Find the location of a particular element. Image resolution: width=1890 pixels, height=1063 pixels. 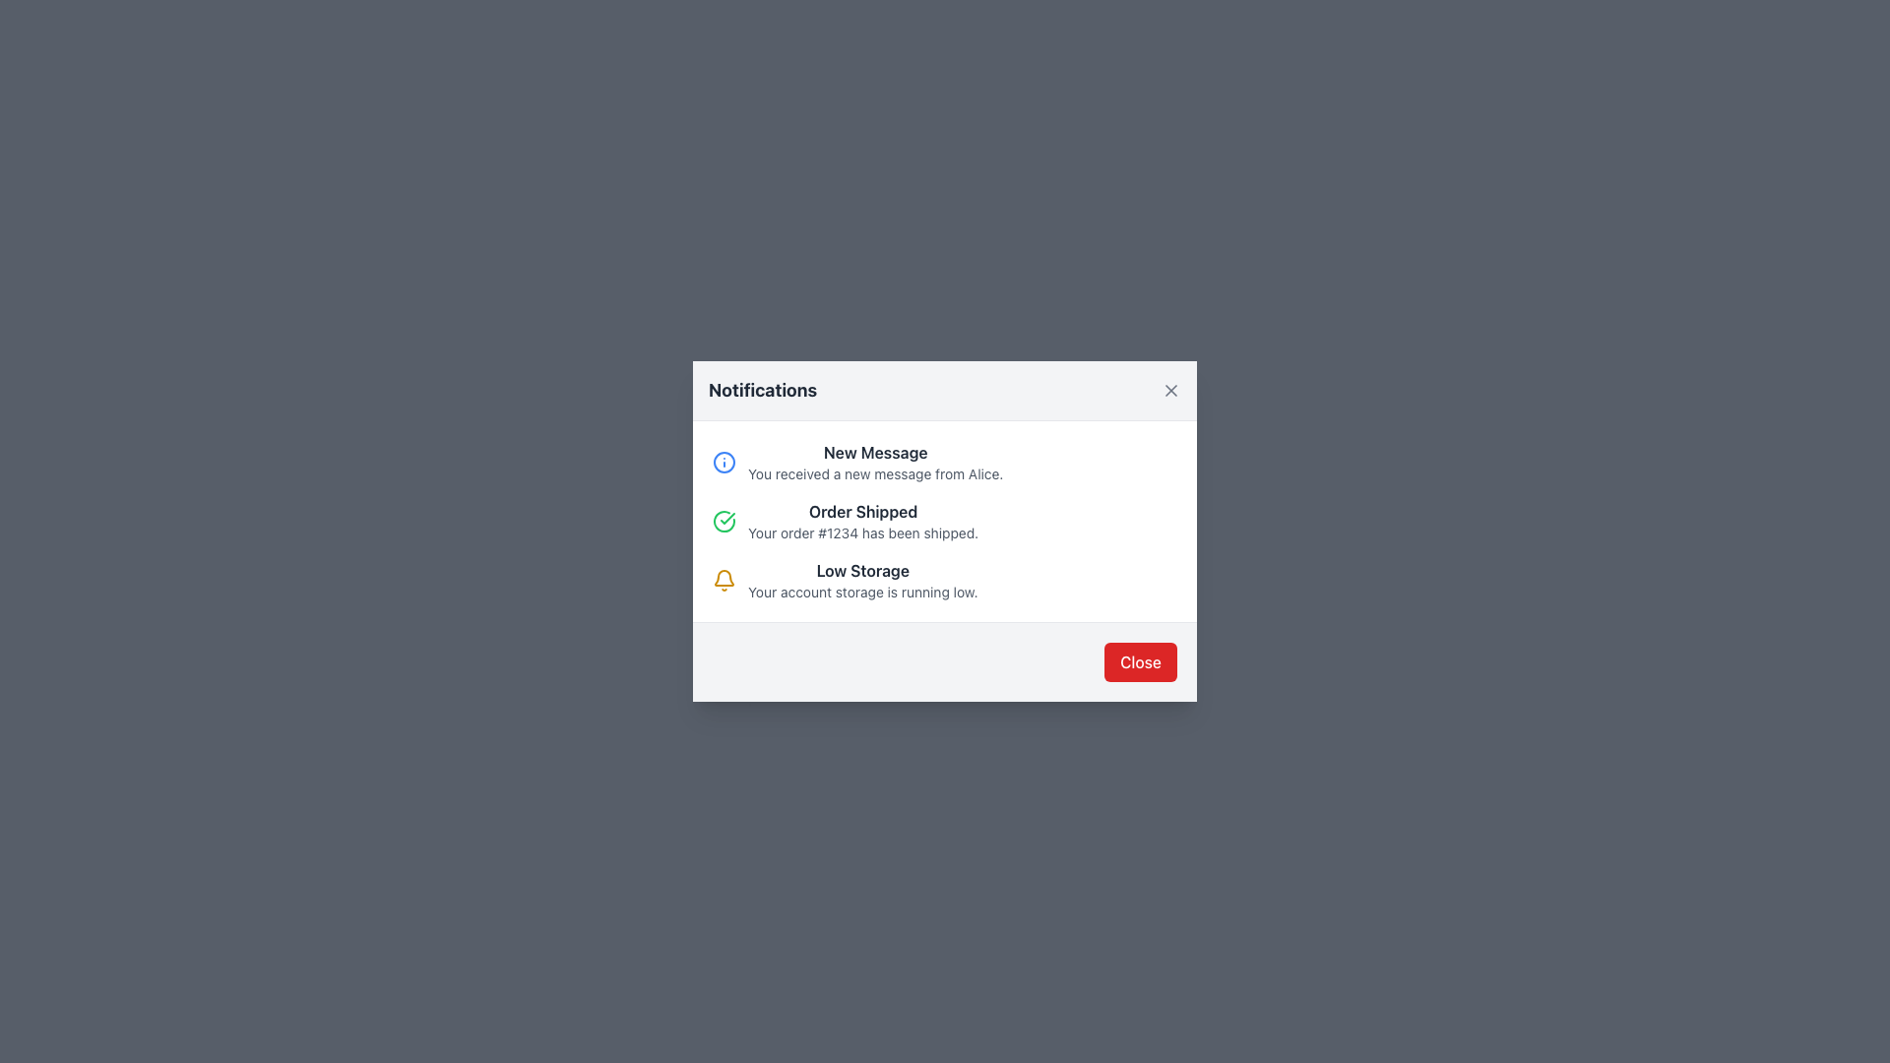

the text label displaying the message 'Your account storage is running low.' located under the 'Low Storage' heading in the notification box is located at coordinates (862, 591).